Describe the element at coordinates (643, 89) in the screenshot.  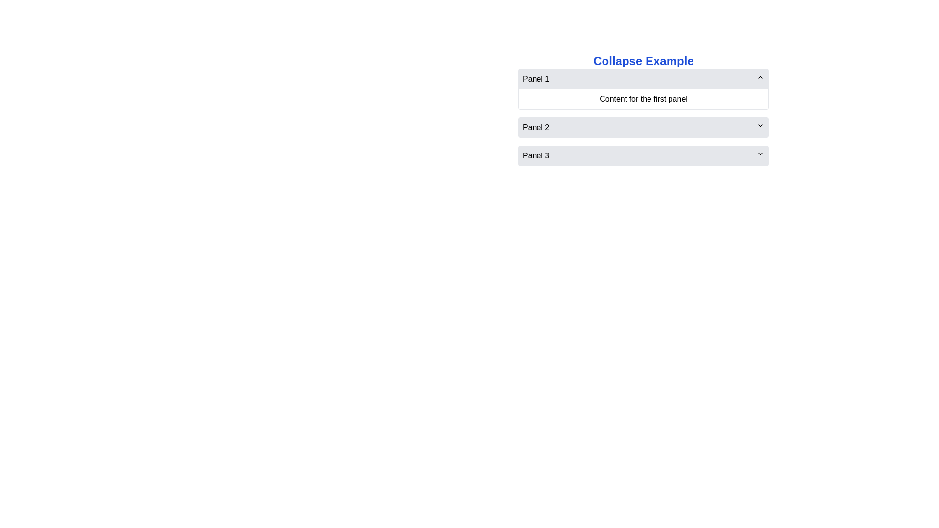
I see `the upward chevron icon on the header of the collapsible panel titled 'Panel 1'` at that location.